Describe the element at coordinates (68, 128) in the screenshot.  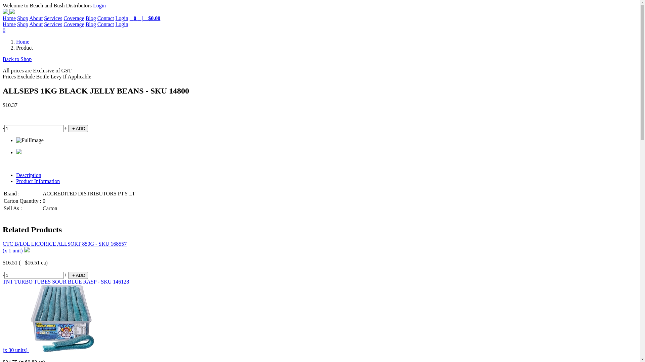
I see `' + ADD'` at that location.